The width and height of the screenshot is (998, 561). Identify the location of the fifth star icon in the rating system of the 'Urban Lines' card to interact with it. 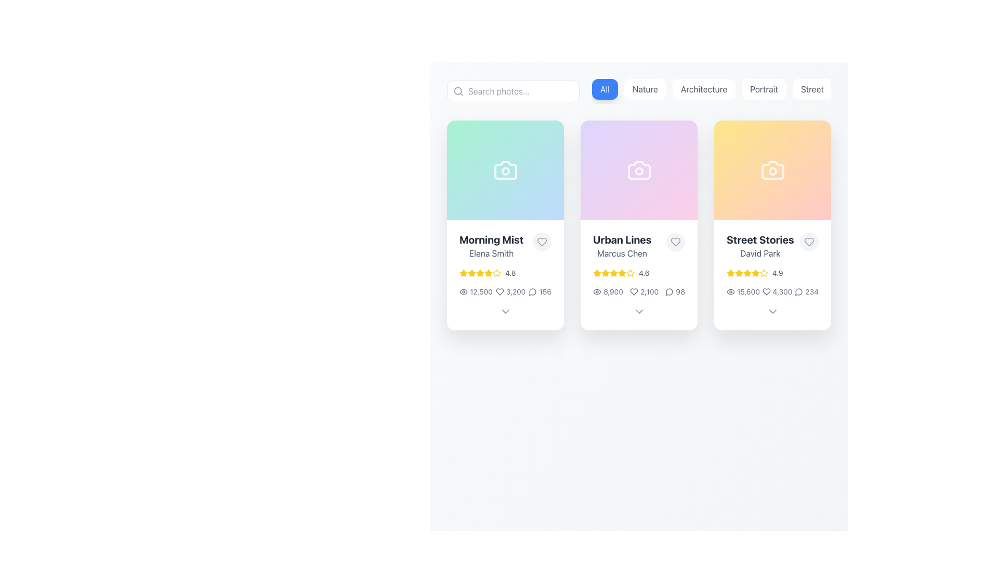
(630, 272).